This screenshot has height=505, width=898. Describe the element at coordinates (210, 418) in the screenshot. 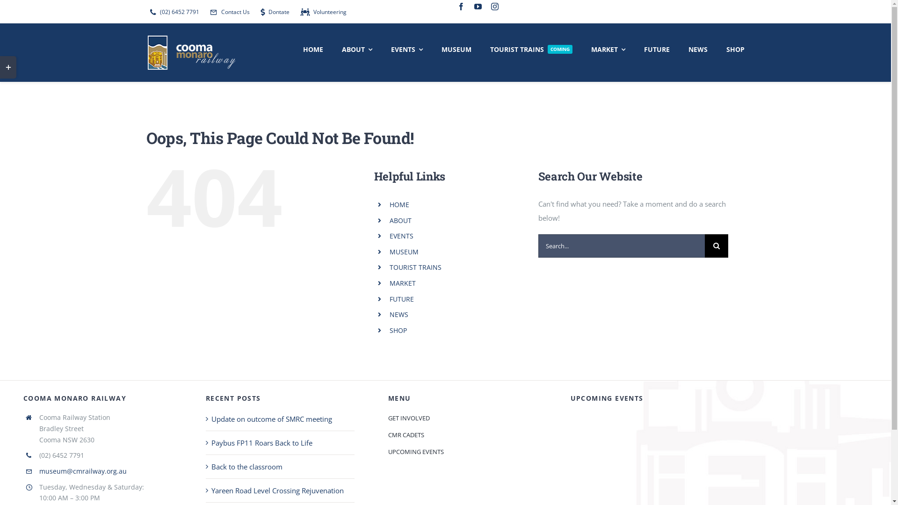

I see `'Update on outcome of SMRC meeting'` at that location.